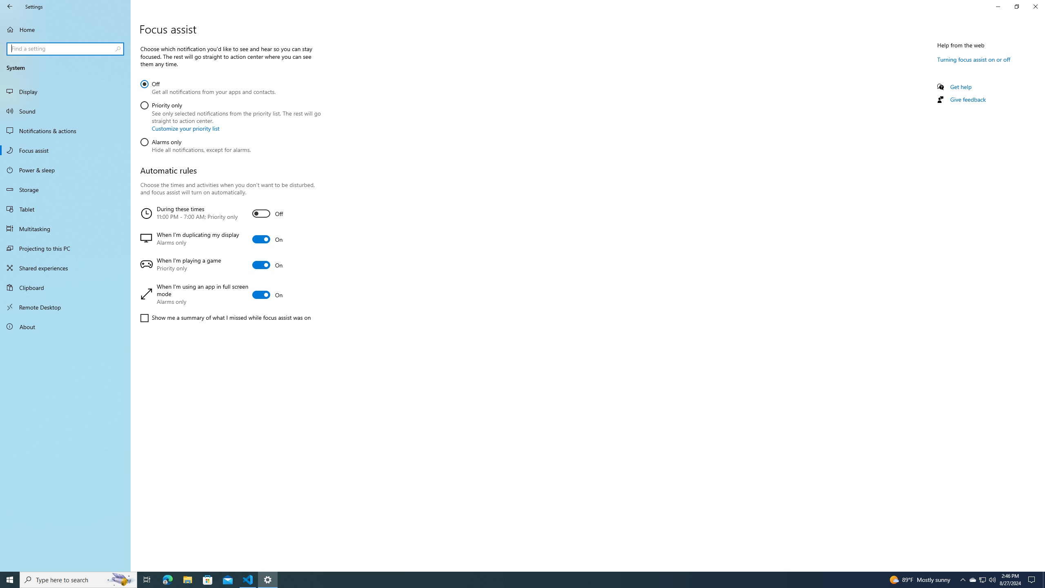  I want to click on 'Home', so click(65, 29).